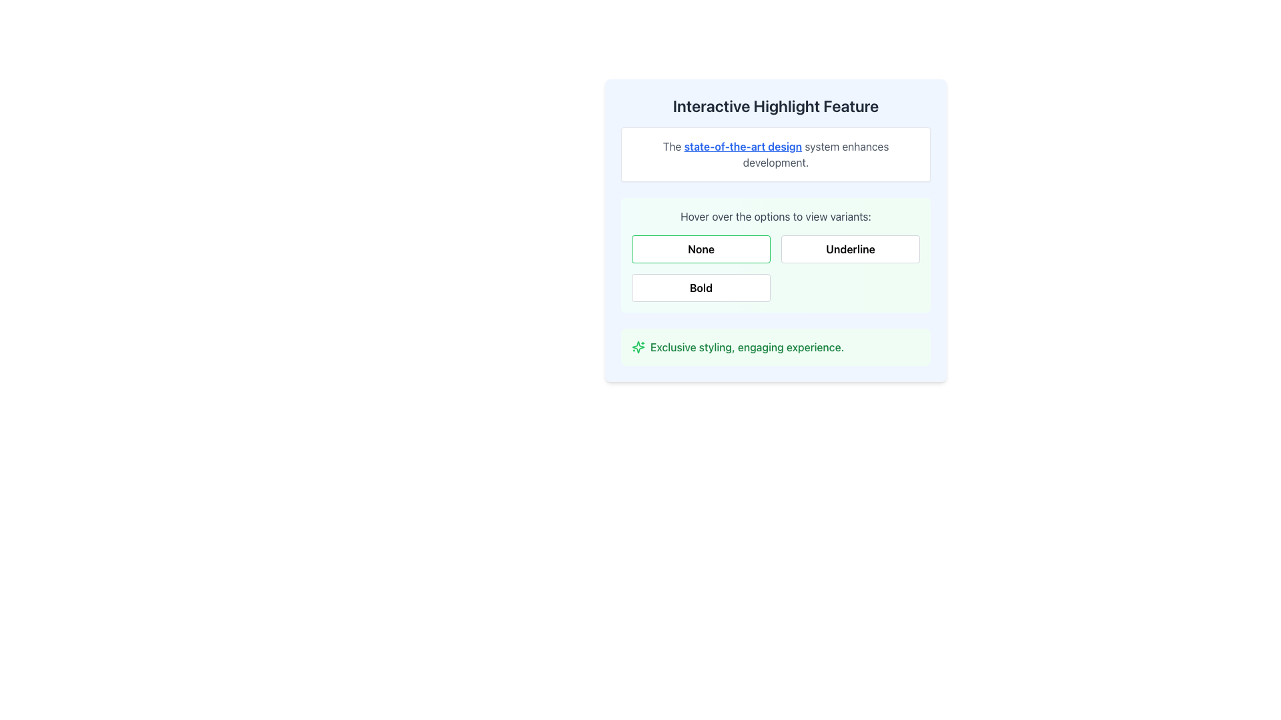  Describe the element at coordinates (775, 230) in the screenshot. I see `the interactive buttons on the central showcase panel` at that location.